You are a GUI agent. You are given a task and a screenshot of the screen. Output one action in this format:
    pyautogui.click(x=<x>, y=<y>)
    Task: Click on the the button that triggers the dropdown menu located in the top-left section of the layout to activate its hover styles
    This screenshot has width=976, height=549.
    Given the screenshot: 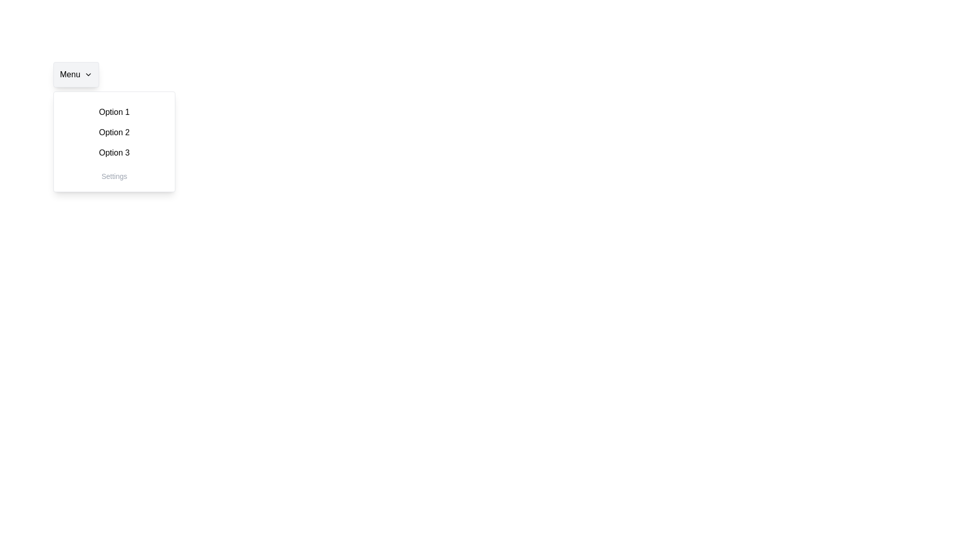 What is the action you would take?
    pyautogui.click(x=75, y=74)
    